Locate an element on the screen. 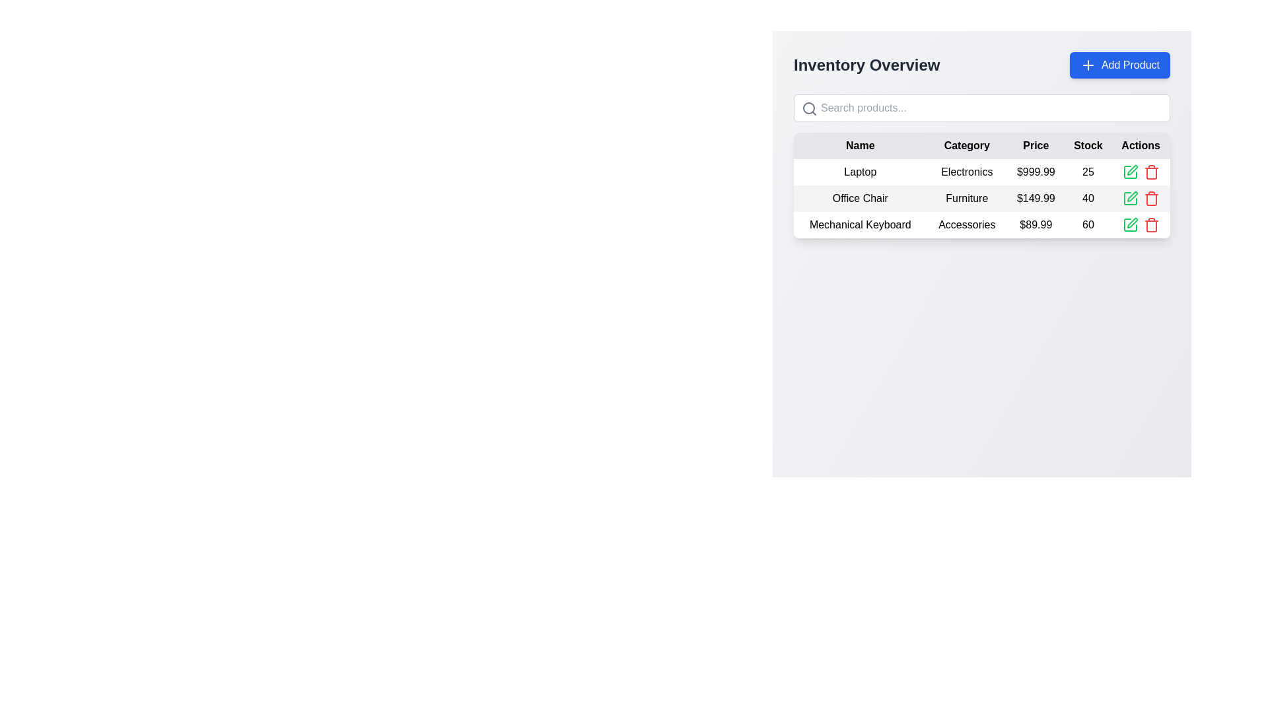  the text display element showing the number '25' in bold black font, located in the 'Stock' column of the 'Laptop' row in the table is located at coordinates (1088, 172).